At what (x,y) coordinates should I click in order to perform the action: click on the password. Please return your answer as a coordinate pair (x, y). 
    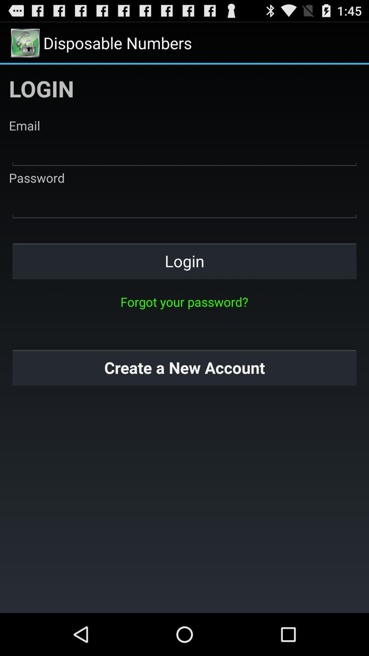
    Looking at the image, I should click on (184, 203).